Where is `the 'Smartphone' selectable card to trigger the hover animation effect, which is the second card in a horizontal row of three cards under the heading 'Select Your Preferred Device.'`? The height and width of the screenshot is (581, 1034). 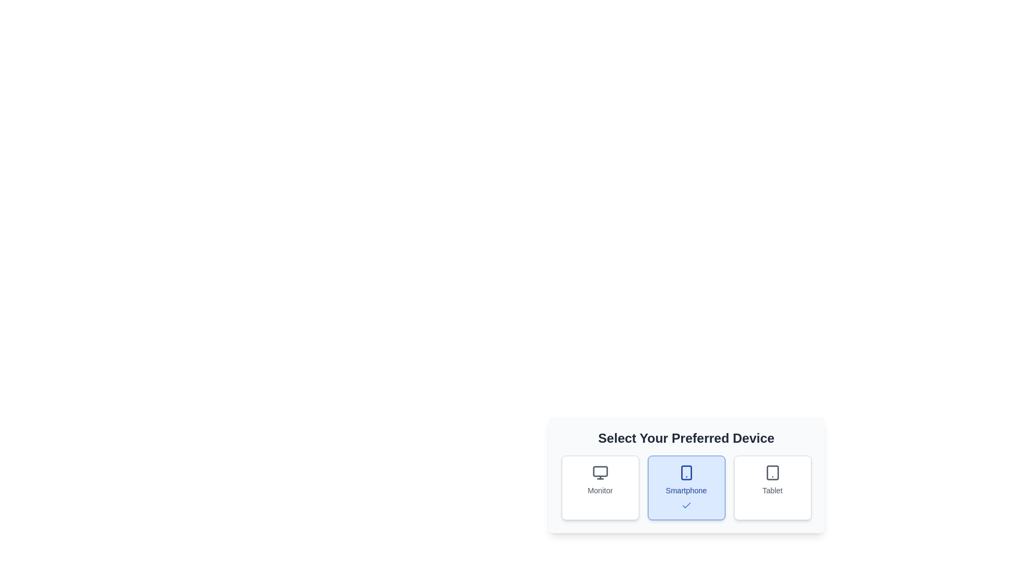
the 'Smartphone' selectable card to trigger the hover animation effect, which is the second card in a horizontal row of three cards under the heading 'Select Your Preferred Device.' is located at coordinates (686, 487).